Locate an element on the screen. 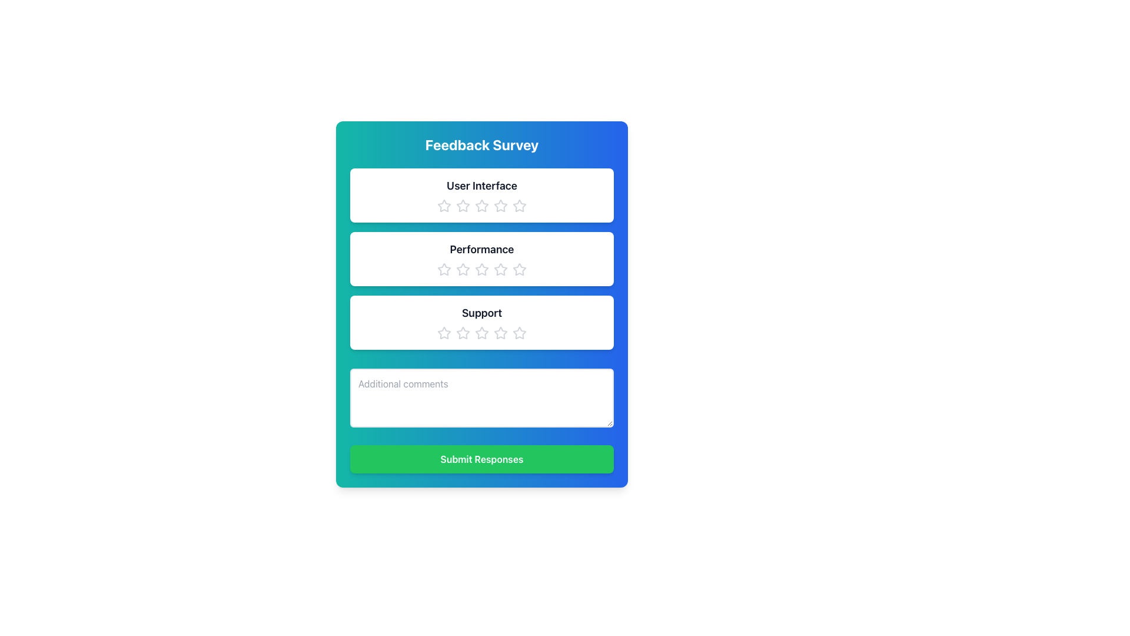 The image size is (1130, 636). the star icon is located at coordinates (482, 258).